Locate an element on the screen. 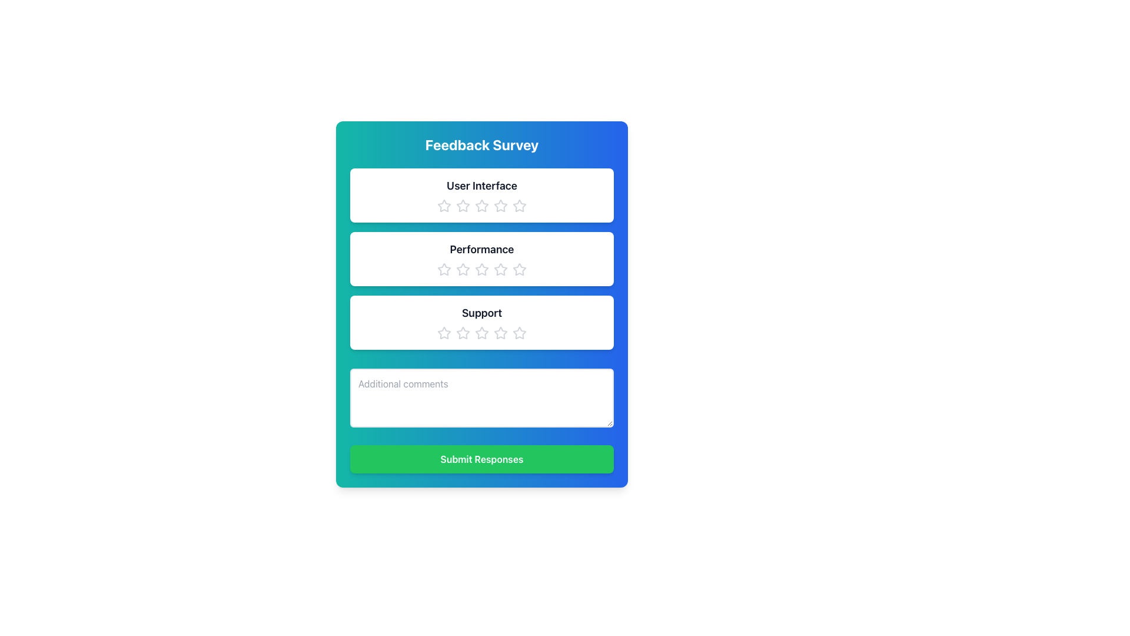 The image size is (1130, 636). the star icon is located at coordinates (482, 258).